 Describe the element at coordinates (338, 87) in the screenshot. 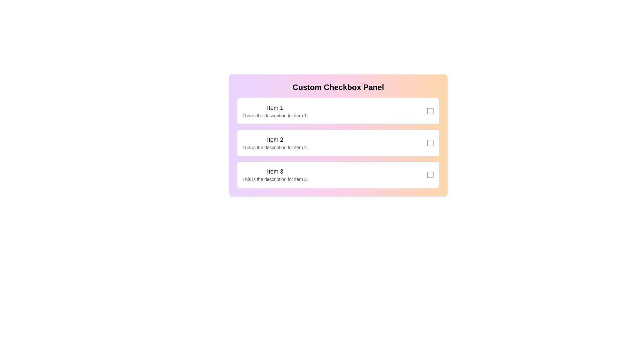

I see `the header text 'Custom Checkbox Panel'` at that location.